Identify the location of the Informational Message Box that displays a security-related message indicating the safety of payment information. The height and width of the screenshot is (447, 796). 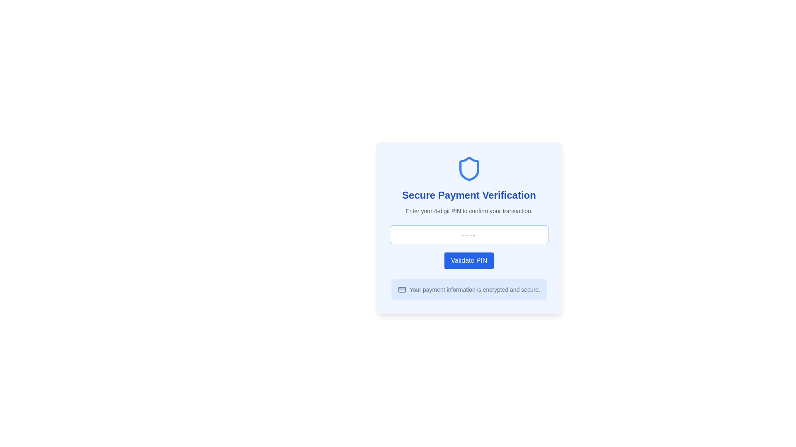
(469, 289).